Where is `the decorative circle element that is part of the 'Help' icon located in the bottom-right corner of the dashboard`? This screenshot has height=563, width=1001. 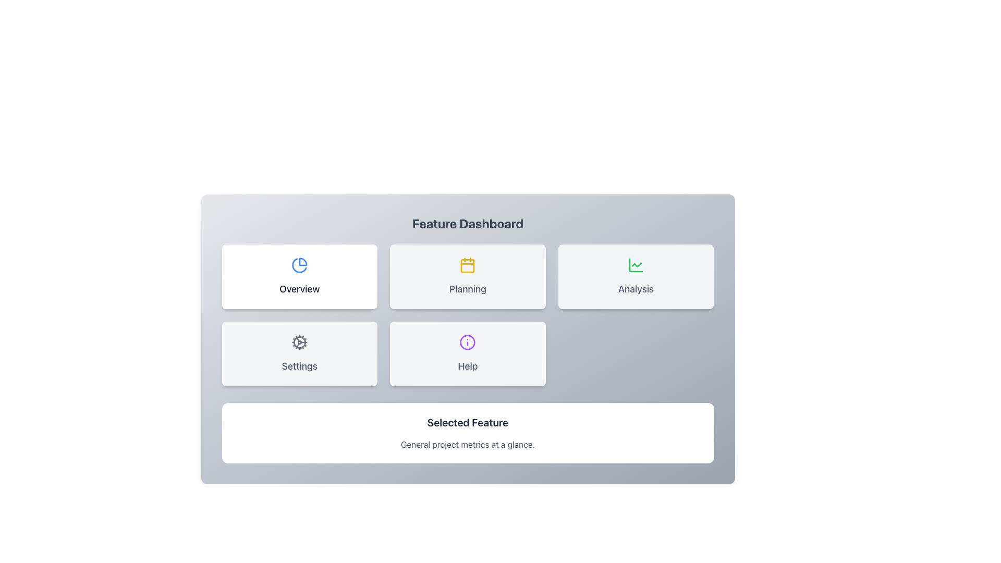
the decorative circle element that is part of the 'Help' icon located in the bottom-right corner of the dashboard is located at coordinates (467, 342).